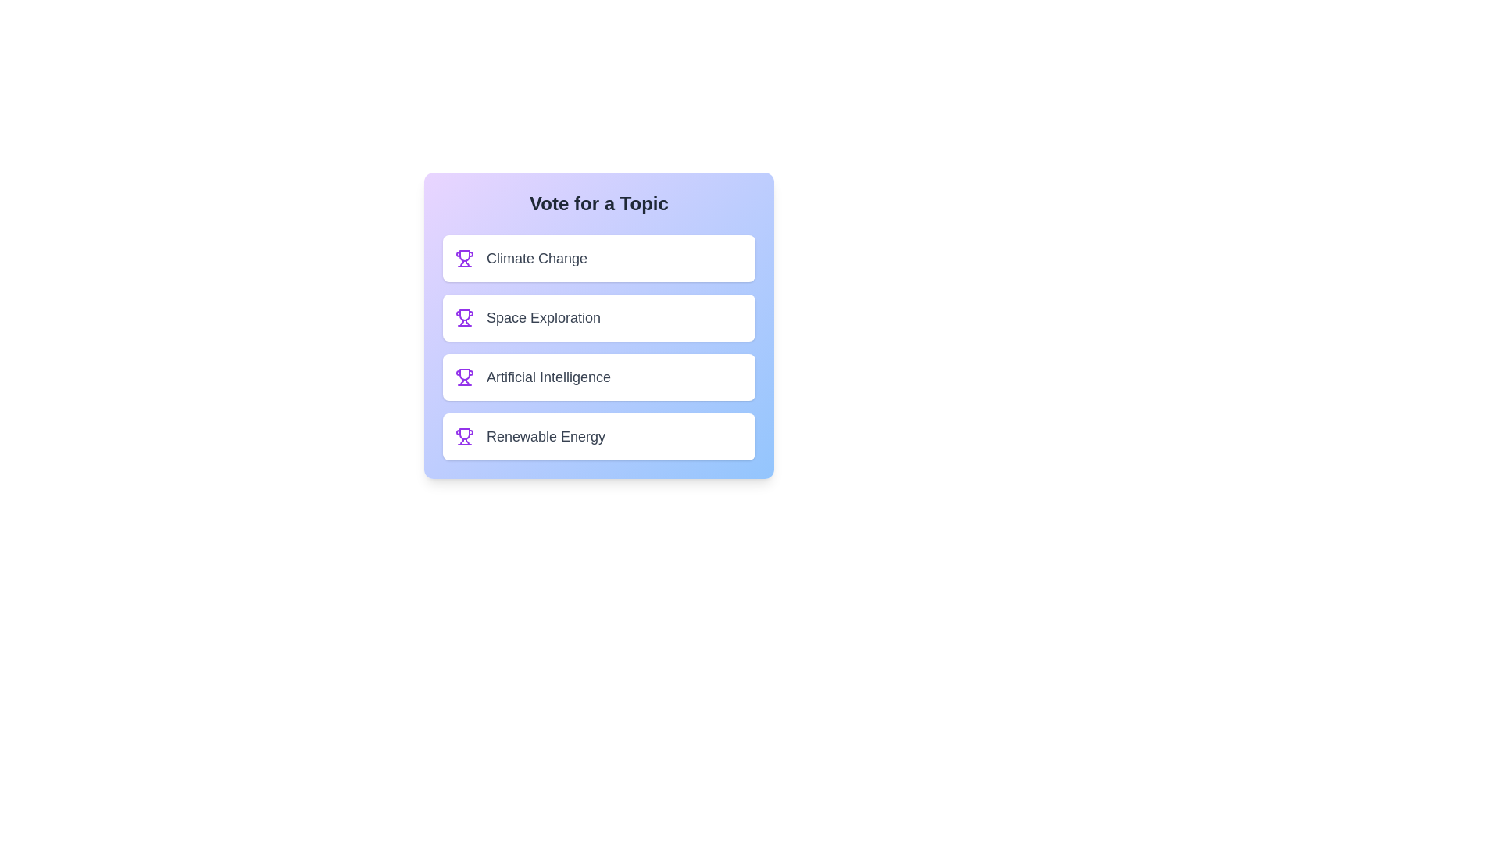 The image size is (1500, 844). Describe the element at coordinates (598, 203) in the screenshot. I see `the text label that says 'Vote for a Topic', which is styled in bold, extra-large, dark-gray font and is centered above a list of selectable options` at that location.